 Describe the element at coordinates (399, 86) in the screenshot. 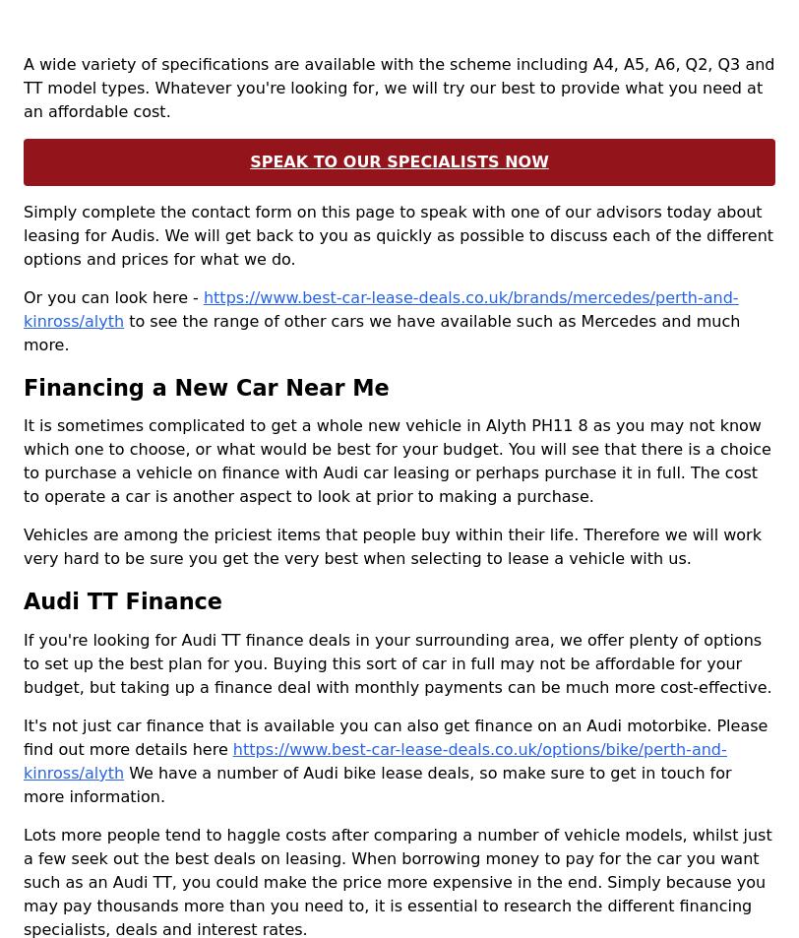

I see `'A wide variety of specifications are available with the scheme including A4, A5, A6, Q2, Q3 and TT model types. Whatever you're looking for, we will try our best to provide what you need at an affordable cost.'` at that location.